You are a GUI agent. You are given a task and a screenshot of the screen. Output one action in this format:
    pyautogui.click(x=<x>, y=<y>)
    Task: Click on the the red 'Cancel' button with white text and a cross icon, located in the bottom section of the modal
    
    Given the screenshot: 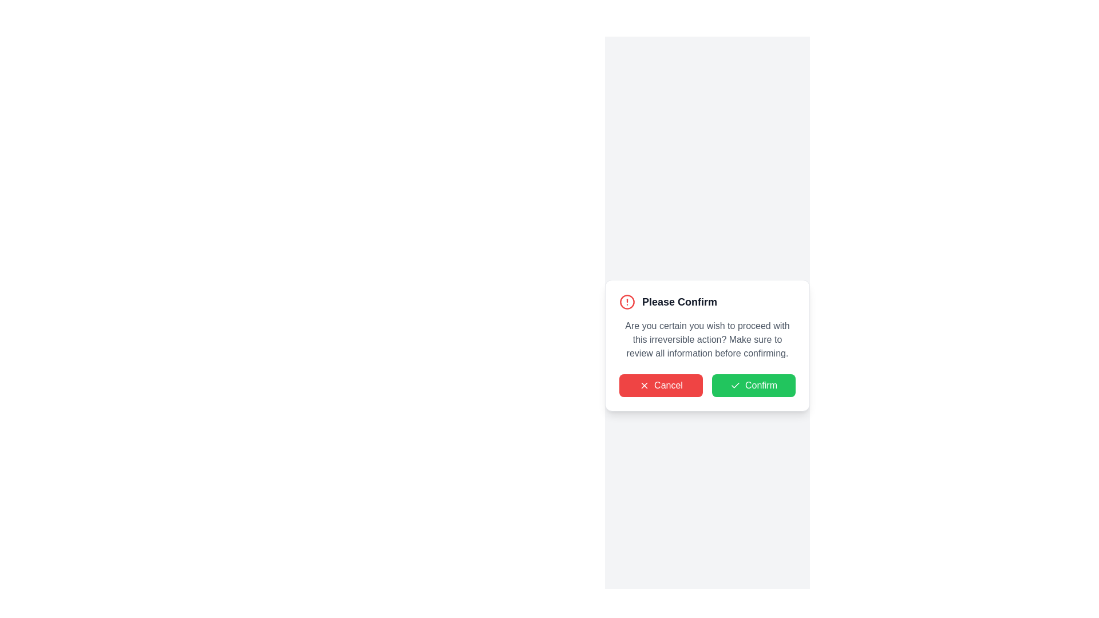 What is the action you would take?
    pyautogui.click(x=661, y=386)
    